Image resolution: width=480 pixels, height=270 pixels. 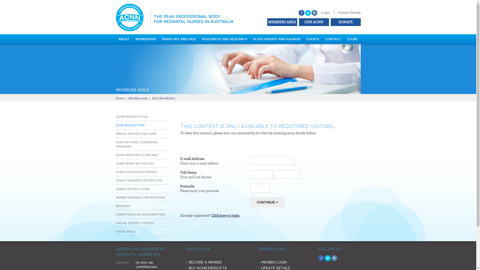 What do you see at coordinates (298, 21) in the screenshot?
I see `'JOIN ACNN'` at bounding box center [298, 21].